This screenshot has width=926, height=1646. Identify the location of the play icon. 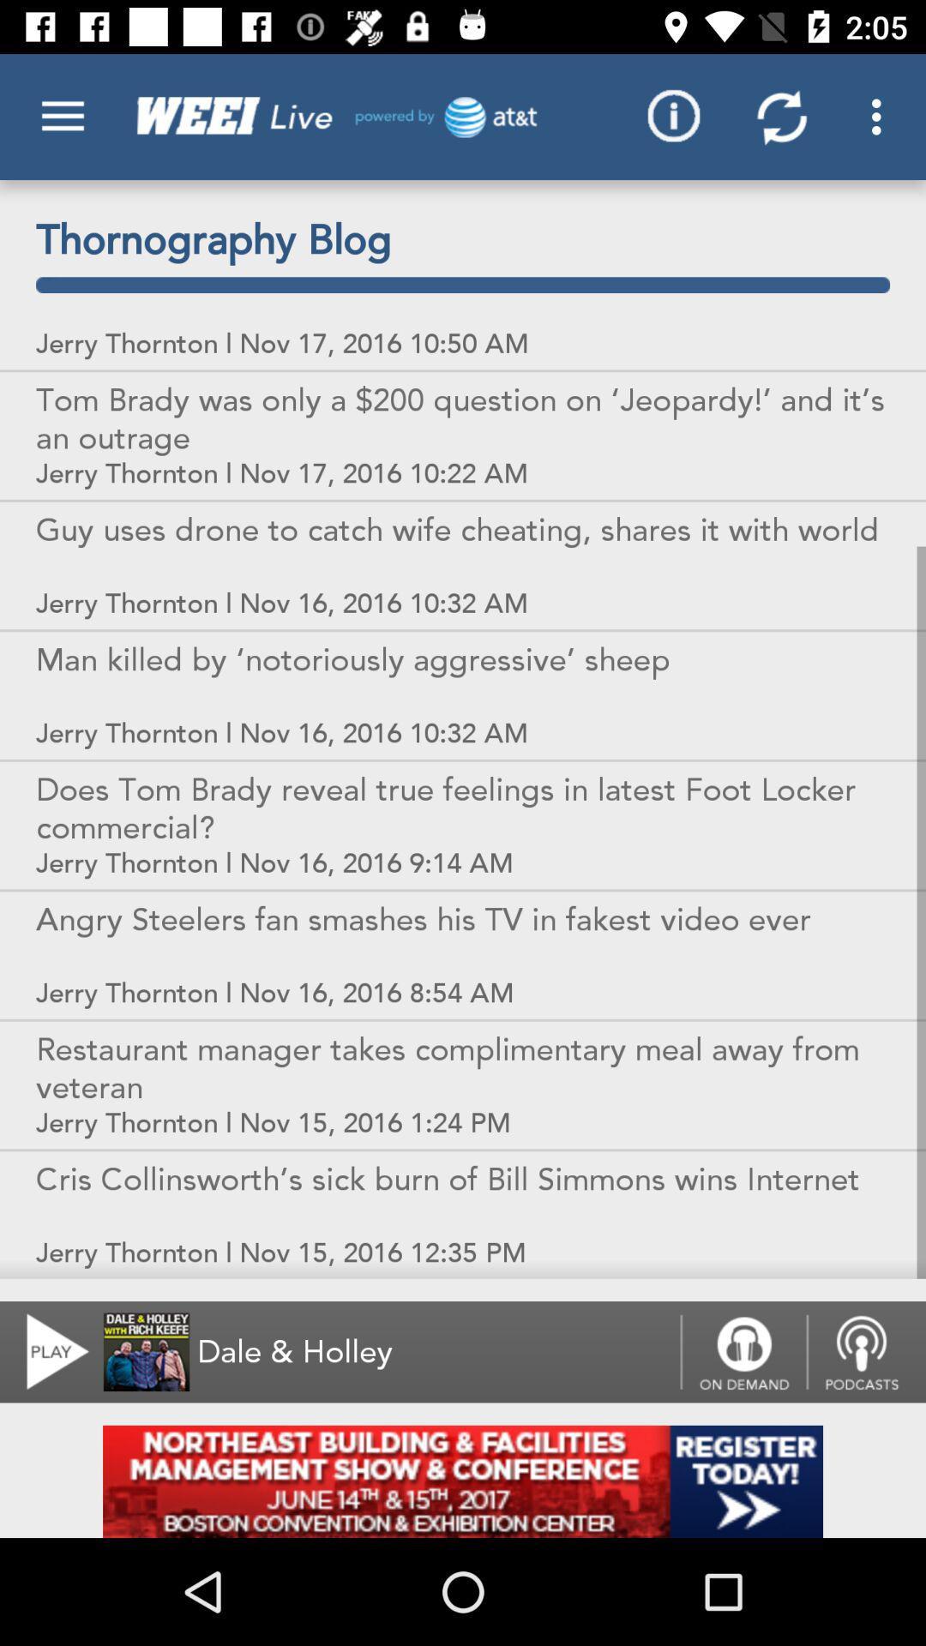
(46, 1351).